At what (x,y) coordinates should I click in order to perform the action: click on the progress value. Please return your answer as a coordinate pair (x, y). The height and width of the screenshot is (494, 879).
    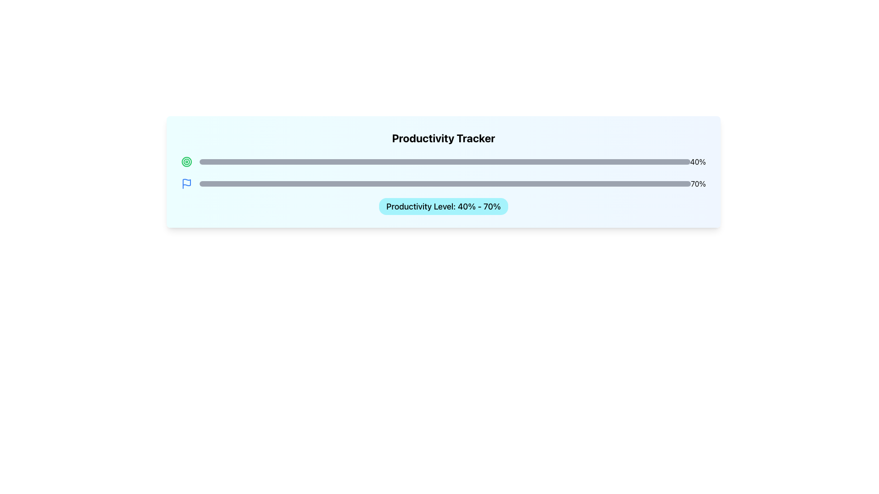
    Looking at the image, I should click on (346, 183).